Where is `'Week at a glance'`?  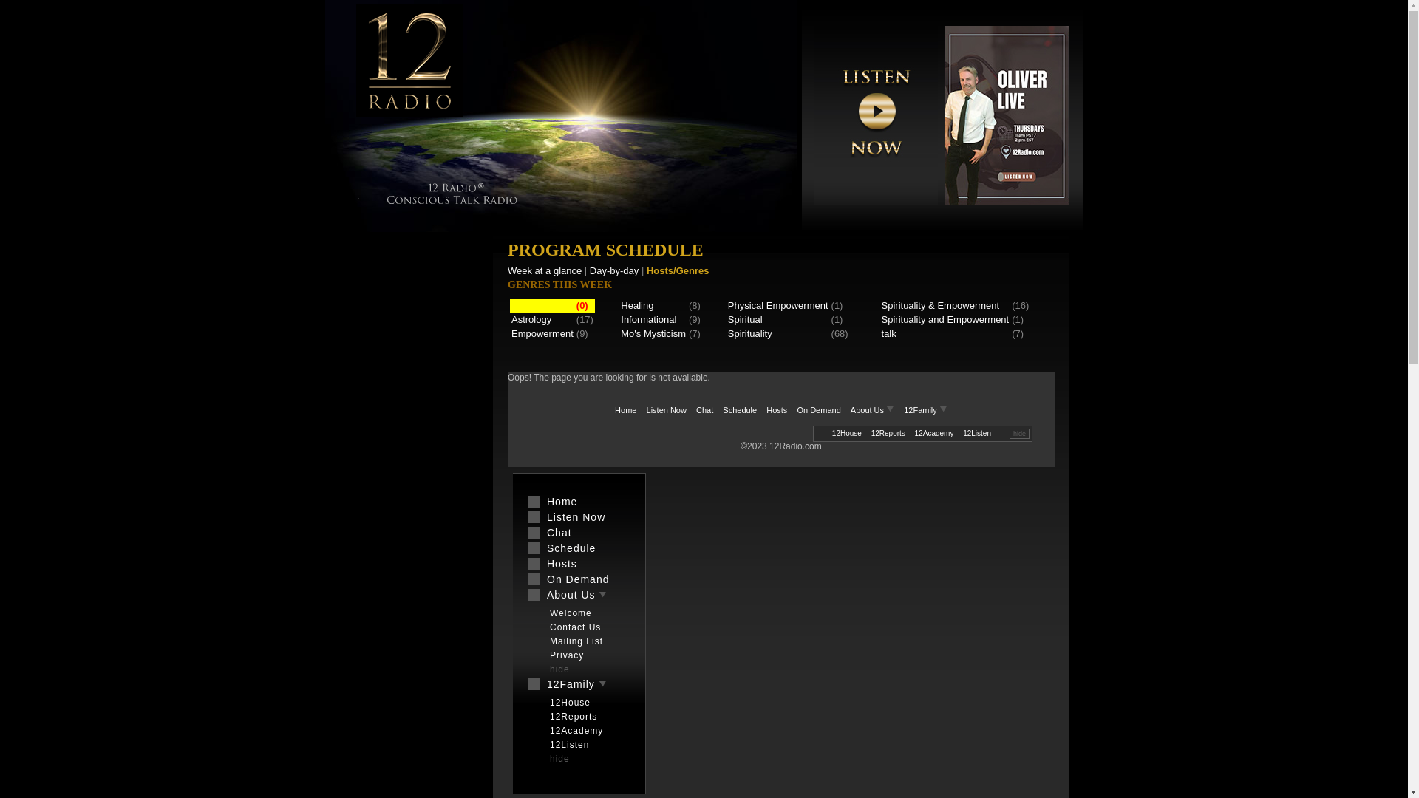 'Week at a glance' is located at coordinates (544, 270).